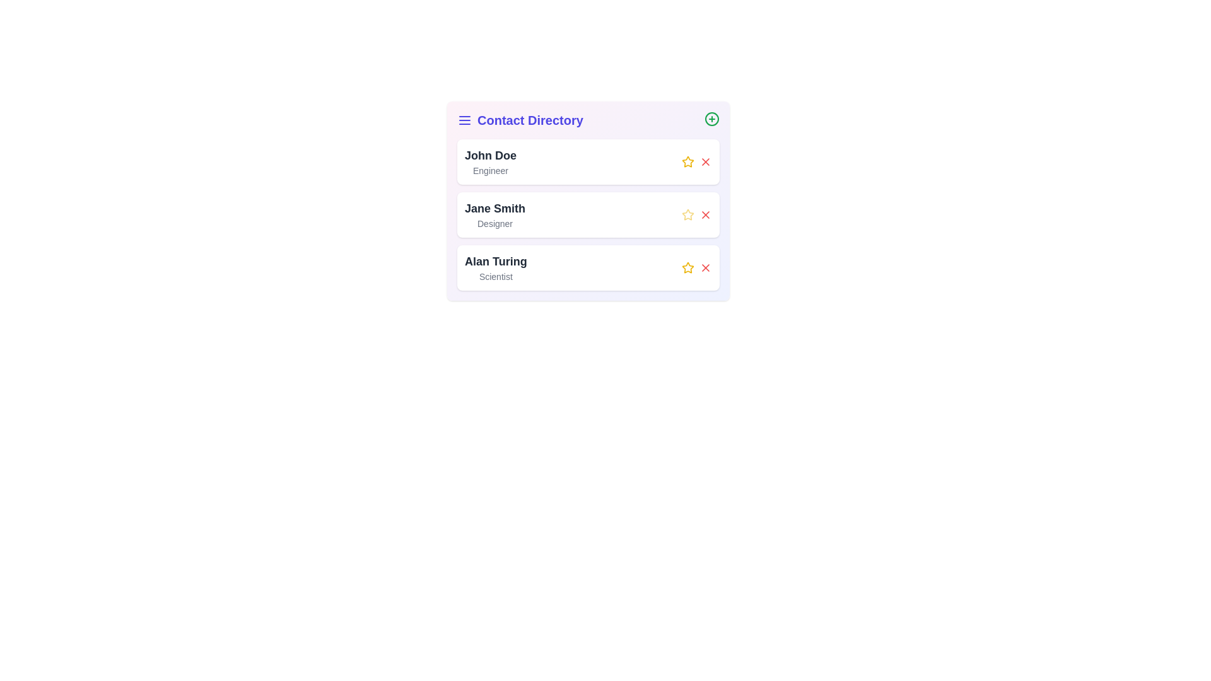 The width and height of the screenshot is (1211, 681). Describe the element at coordinates (705, 214) in the screenshot. I see `the remove button corresponding to the contact named Jane Smith` at that location.